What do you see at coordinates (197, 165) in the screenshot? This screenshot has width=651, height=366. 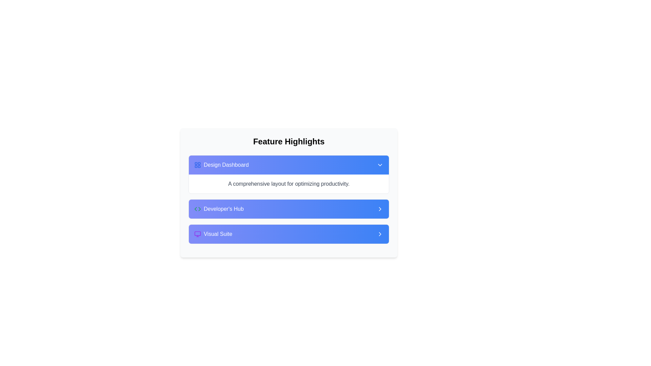 I see `the 'Dashboard' icon located to the left of the 'Design Dashboard' text in the topmost highlighted section of the card` at bounding box center [197, 165].